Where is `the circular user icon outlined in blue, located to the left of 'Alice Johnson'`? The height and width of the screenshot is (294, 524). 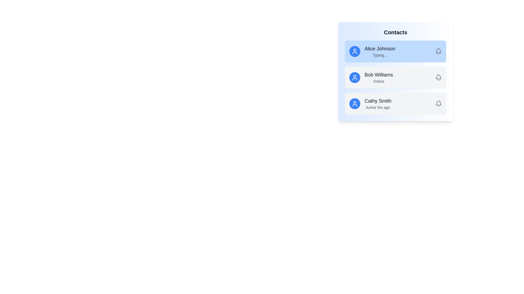 the circular user icon outlined in blue, located to the left of 'Alice Johnson' is located at coordinates (355, 51).